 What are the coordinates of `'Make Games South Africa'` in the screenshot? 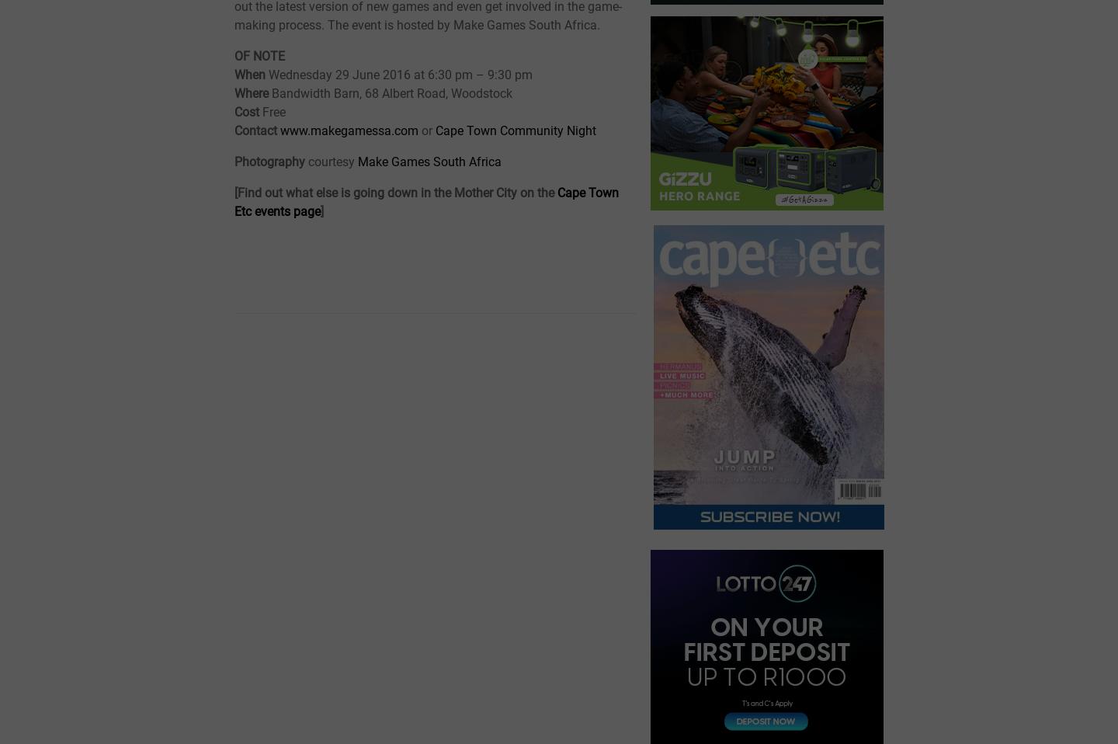 It's located at (431, 160).